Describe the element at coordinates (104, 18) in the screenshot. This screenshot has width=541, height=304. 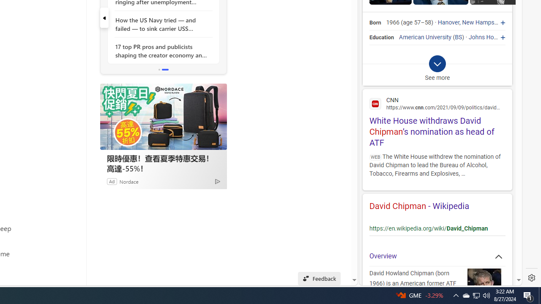
I see `'previous'` at that location.